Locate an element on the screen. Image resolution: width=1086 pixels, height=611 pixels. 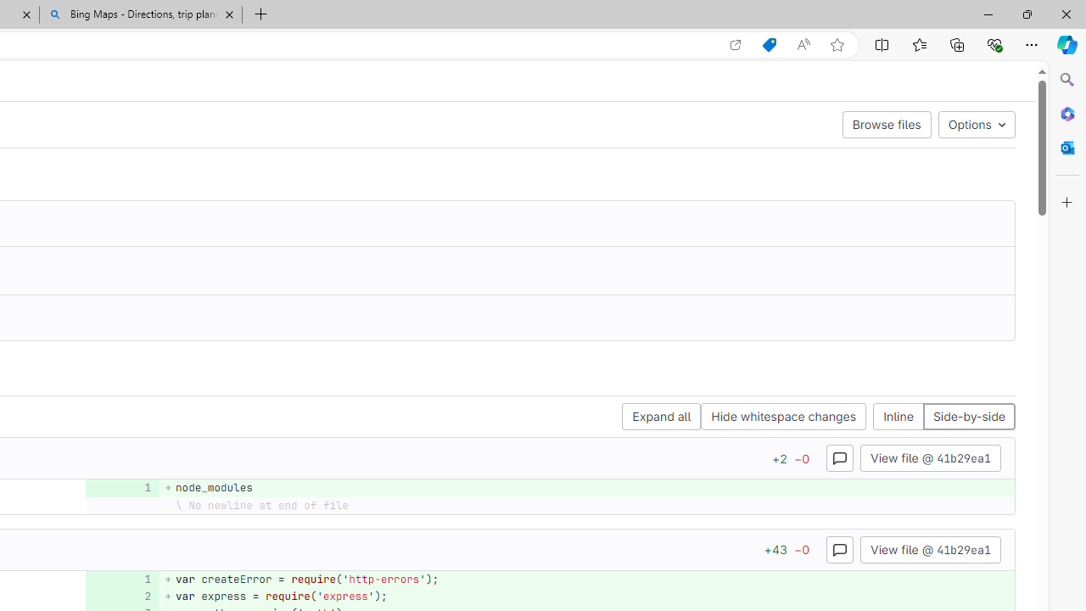
'Add a comment to this line 2' is located at coordinates (121, 595).